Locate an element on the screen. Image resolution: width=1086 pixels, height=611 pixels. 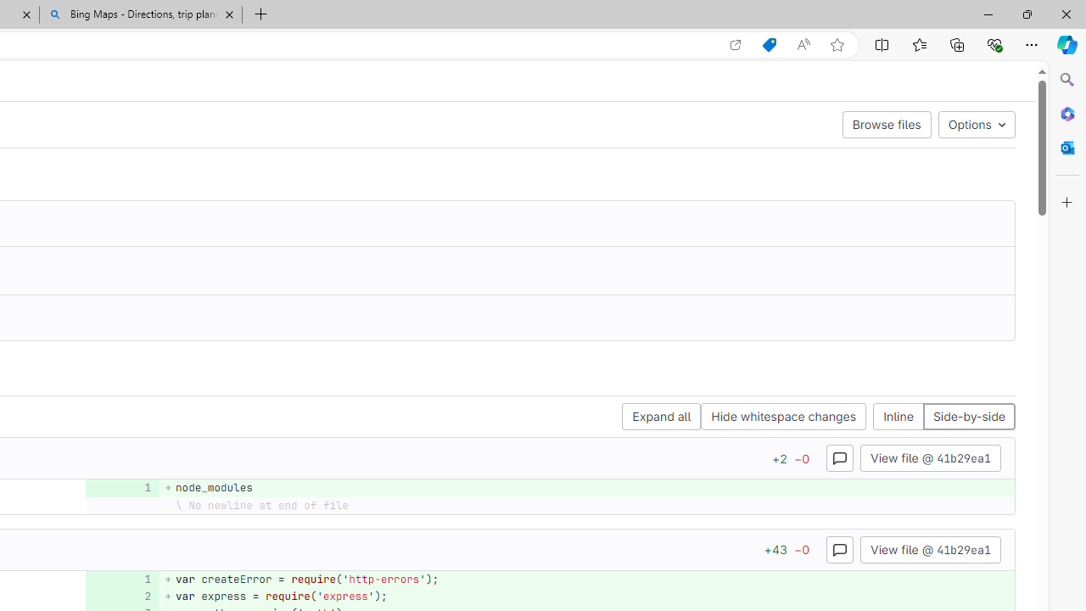
'Add a comment to this line 2' is located at coordinates (121, 595).